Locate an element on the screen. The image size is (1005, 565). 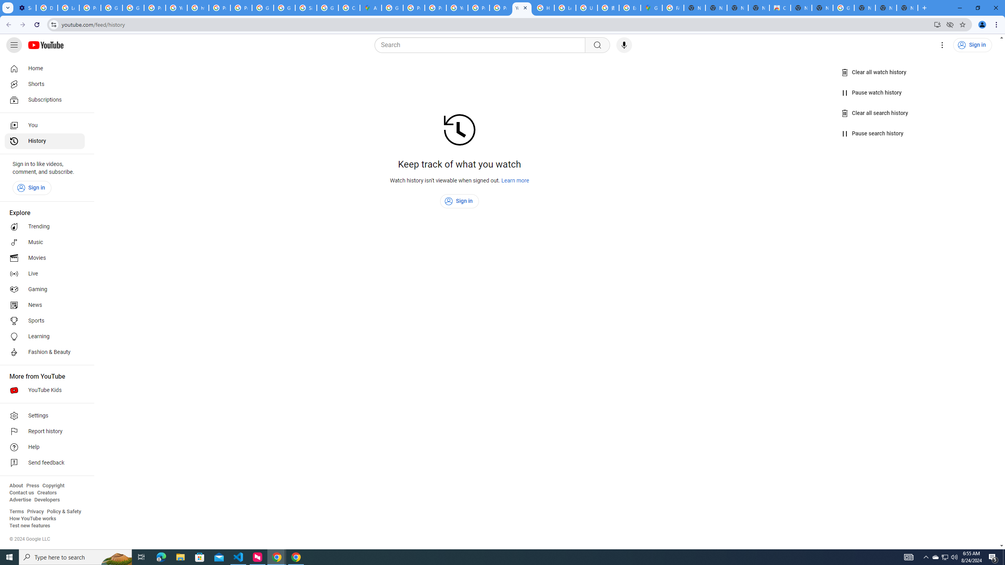
'https://scholar.google.com/' is located at coordinates (198, 7).